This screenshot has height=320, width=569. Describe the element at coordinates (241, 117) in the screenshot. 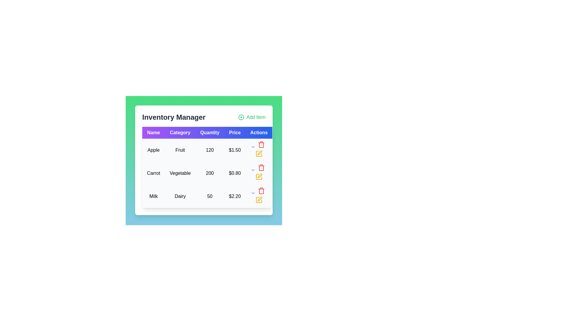

I see `the circular icon with a plus sign inside it, located to the left of the 'Add Item' text label at the top-right corner of the interface` at that location.